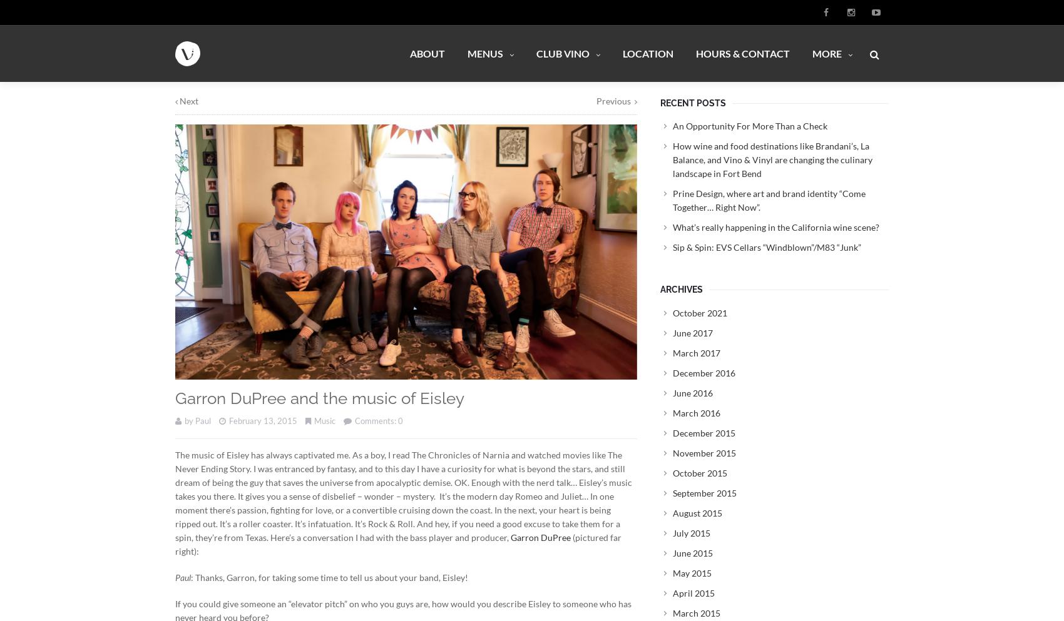  Describe the element at coordinates (376, 420) in the screenshot. I see `'Comments:'` at that location.